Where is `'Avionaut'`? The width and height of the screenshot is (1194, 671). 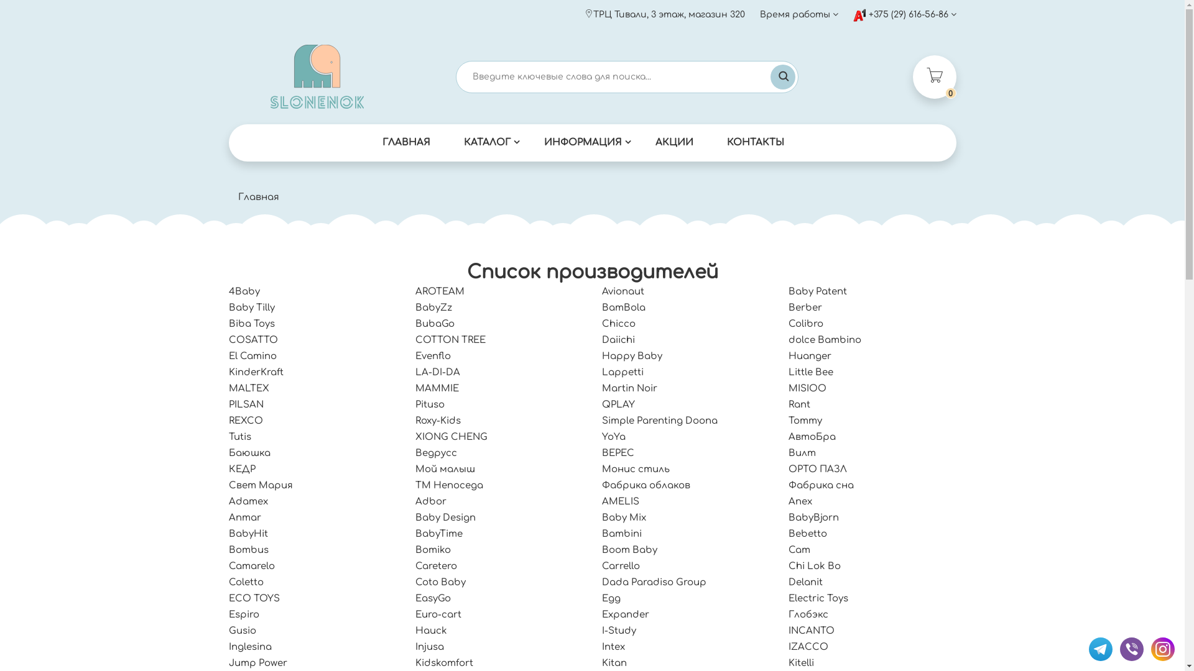
'Avionaut' is located at coordinates (623, 291).